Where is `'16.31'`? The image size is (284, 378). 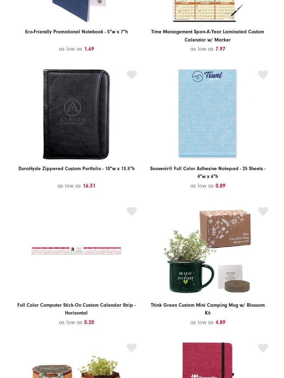
'16.31' is located at coordinates (82, 185).